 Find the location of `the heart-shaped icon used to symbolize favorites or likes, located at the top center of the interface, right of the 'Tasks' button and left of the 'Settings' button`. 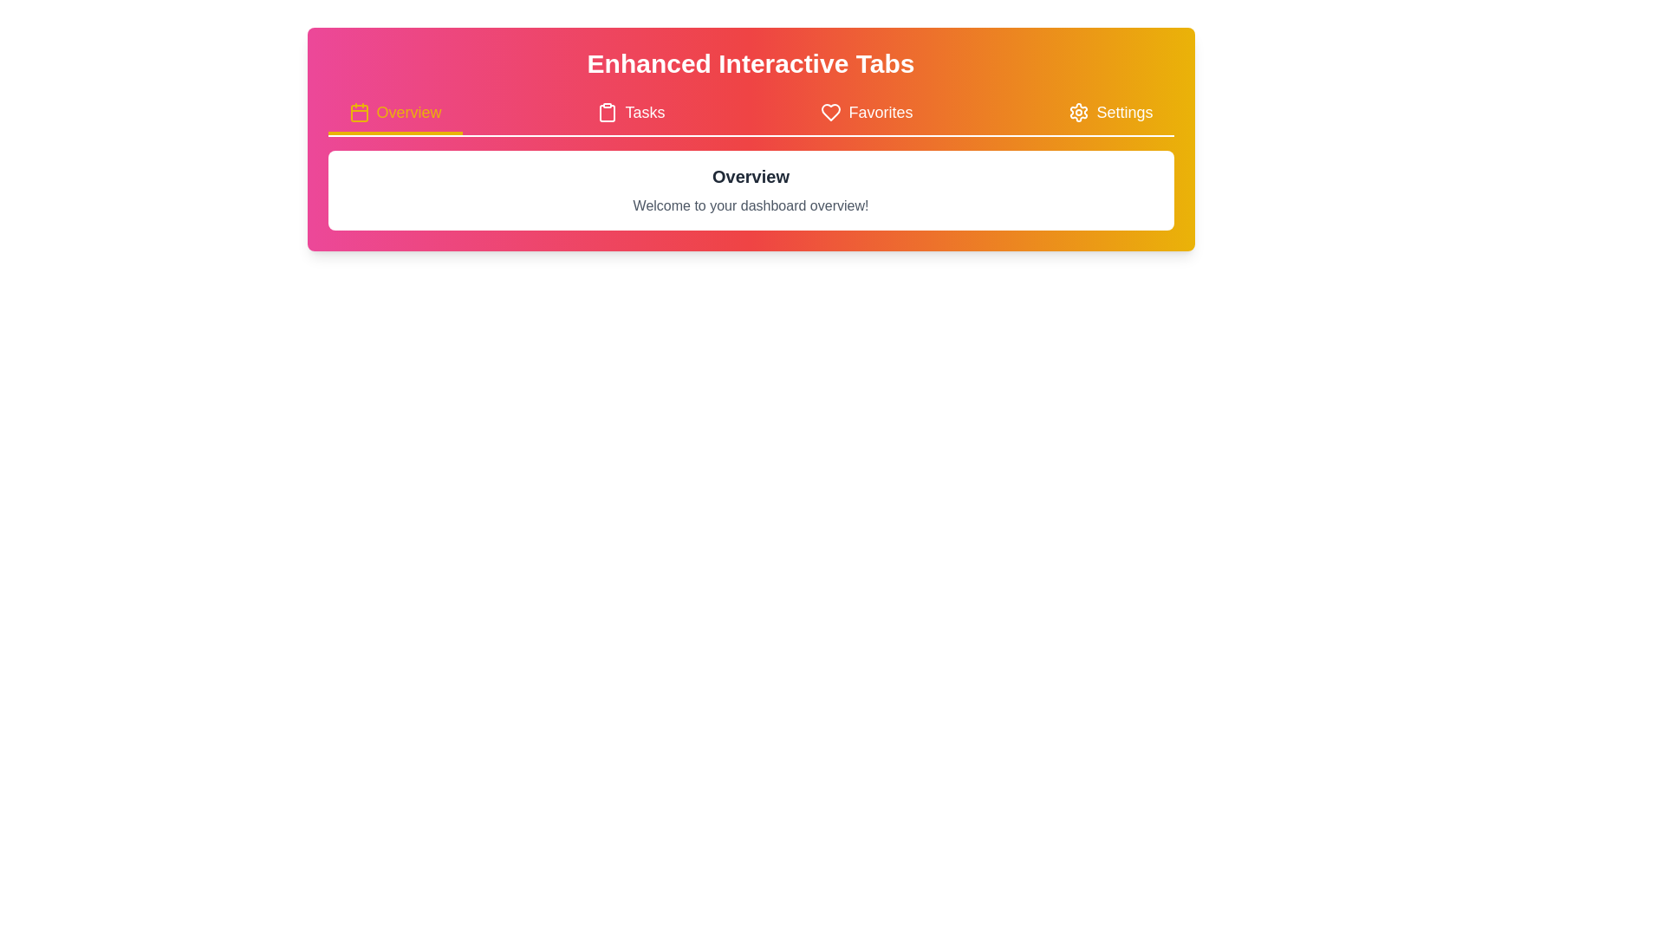

the heart-shaped icon used to symbolize favorites or likes, located at the top center of the interface, right of the 'Tasks' button and left of the 'Settings' button is located at coordinates (830, 113).